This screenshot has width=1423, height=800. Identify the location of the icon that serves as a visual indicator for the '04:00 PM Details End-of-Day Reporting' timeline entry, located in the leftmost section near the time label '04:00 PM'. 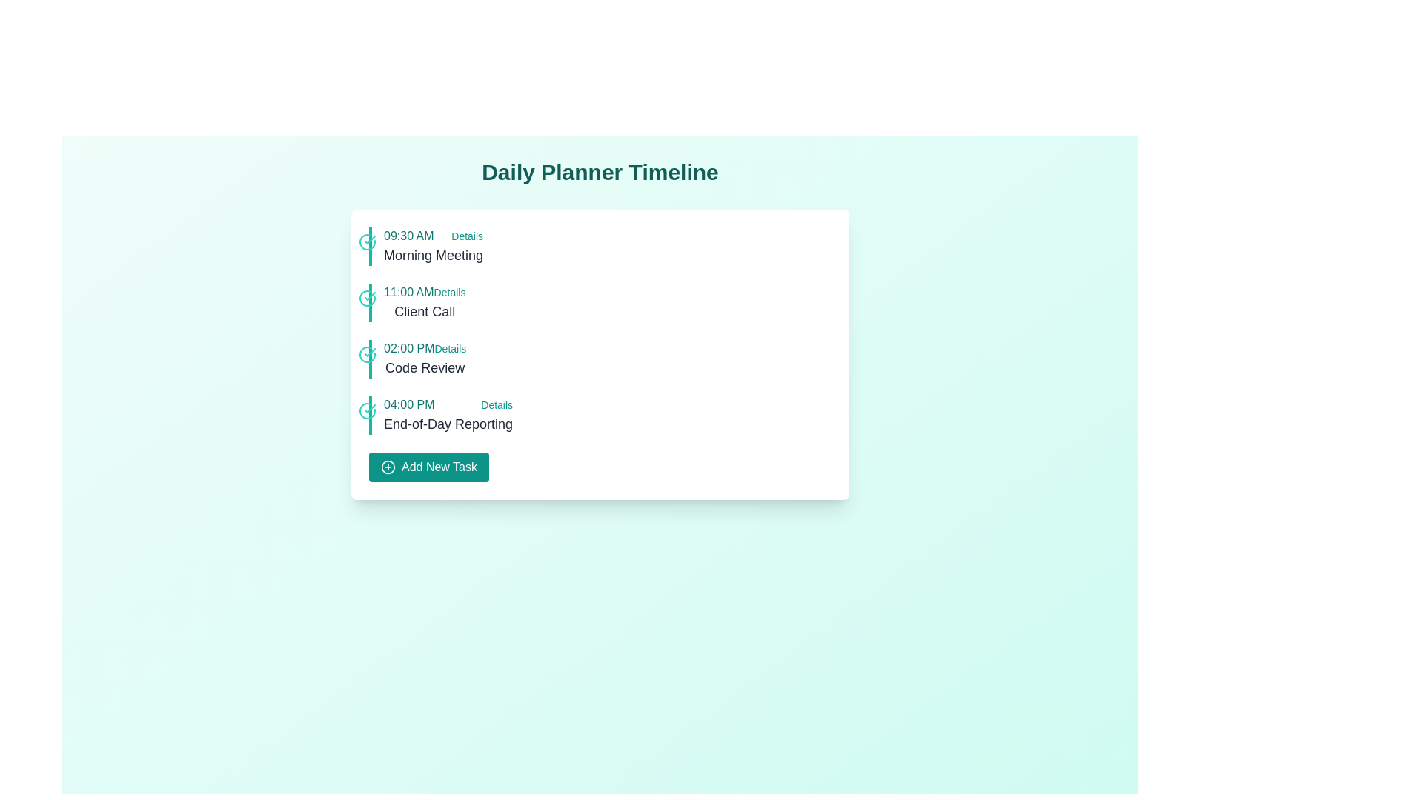
(367, 411).